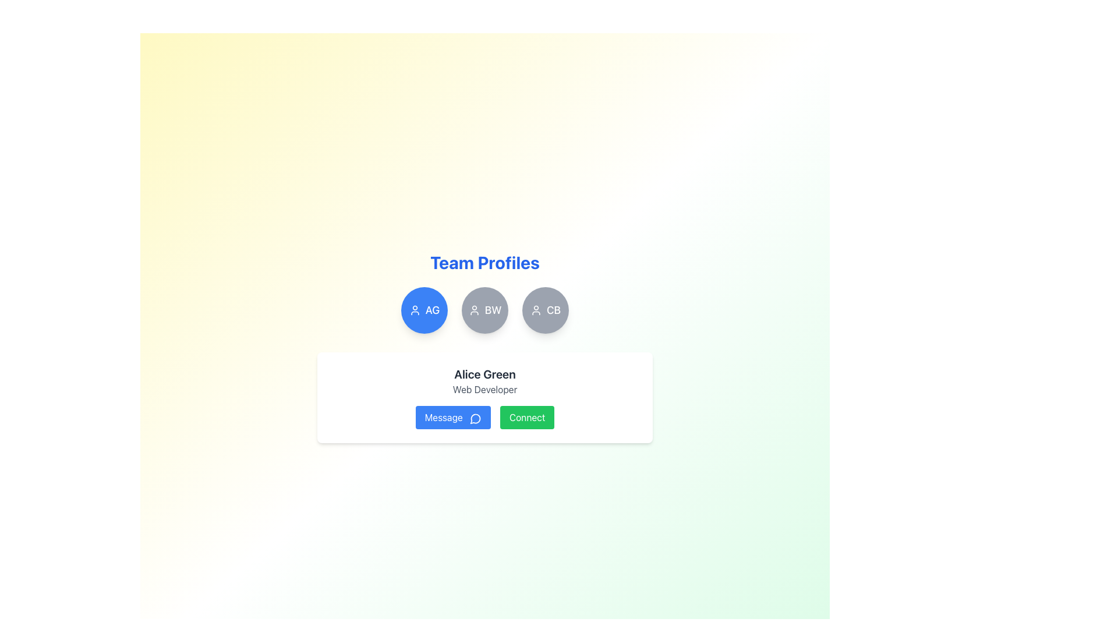 The height and width of the screenshot is (629, 1118). I want to click on the blue 'Message' button with a speech bubble icon located at the bottom center of Alice Green's profile card to initiate communication, so click(485, 417).